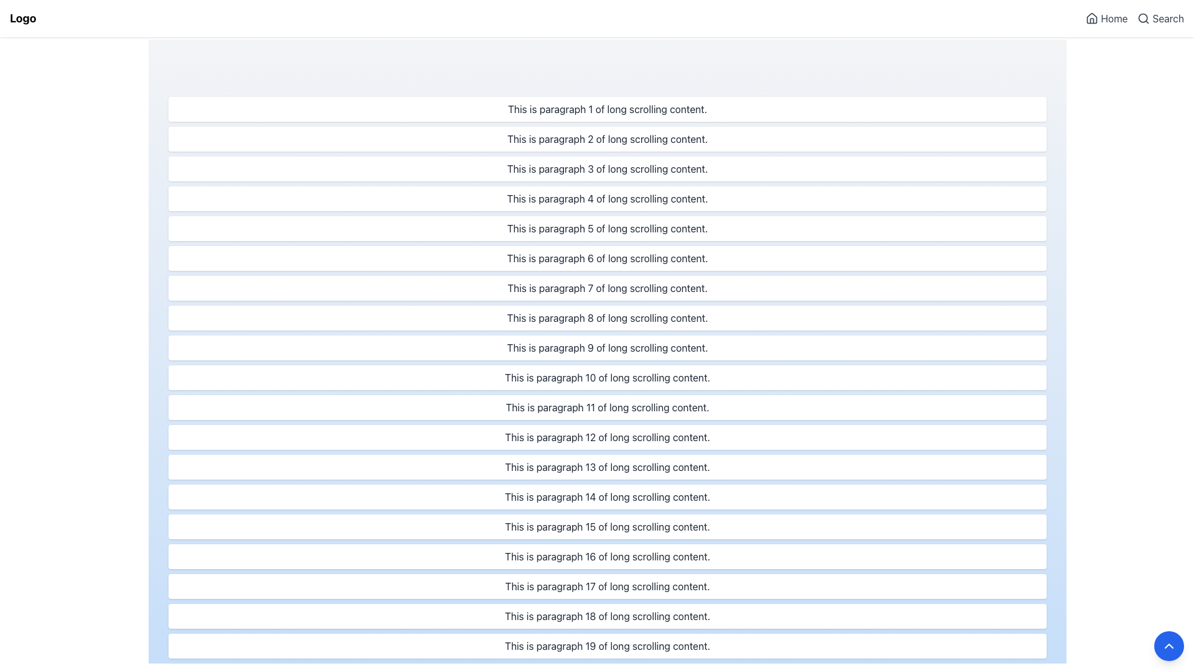 The image size is (1194, 671). I want to click on the first paragraph text block located at the top of the list of similar paragraphs, so click(608, 109).